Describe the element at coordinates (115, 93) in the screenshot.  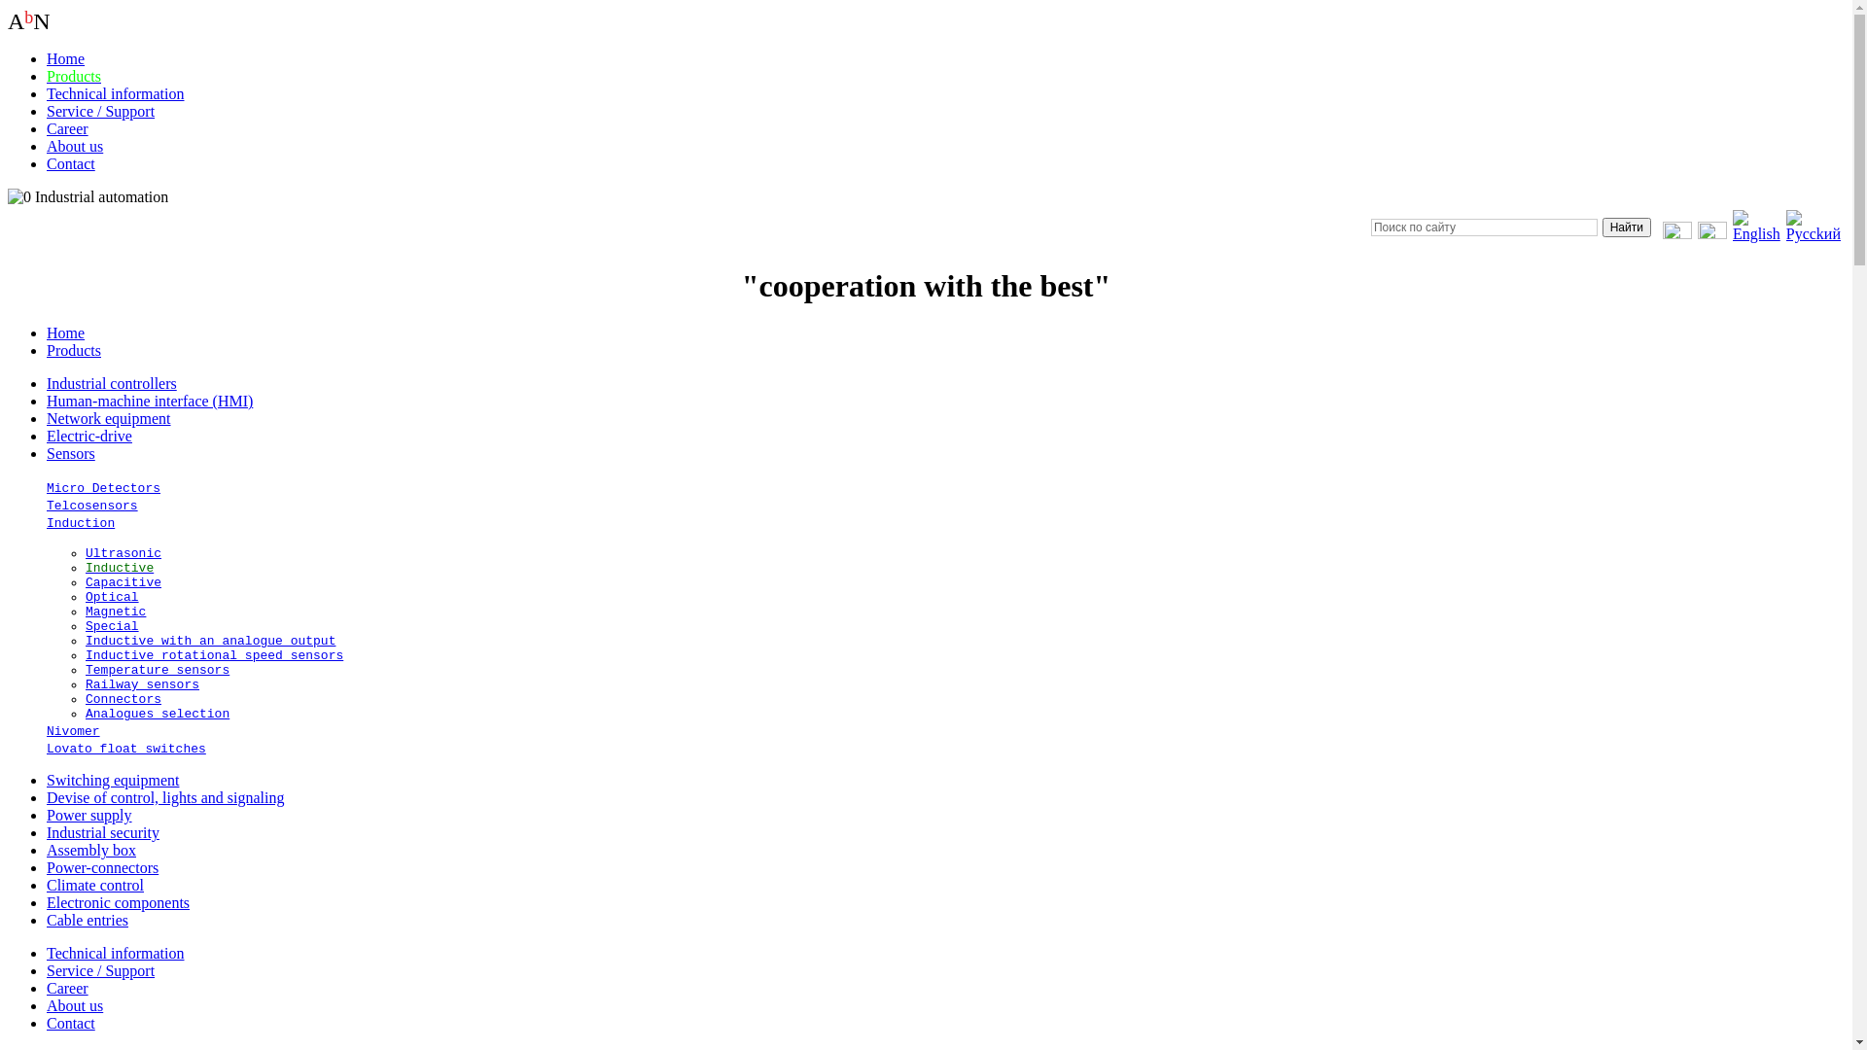
I see `'Technical information'` at that location.